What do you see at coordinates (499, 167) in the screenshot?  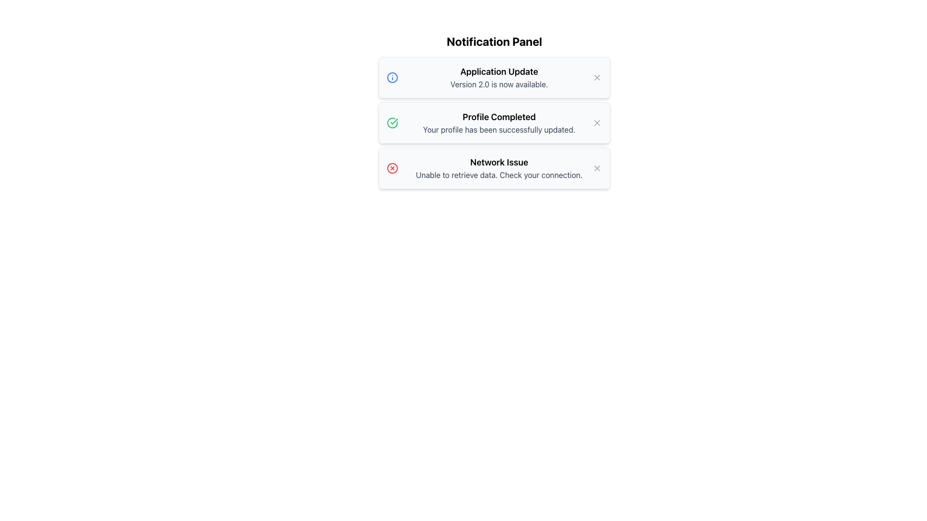 I see `the error message element displaying 'Network Issue' with the follow-up text 'Unable to retrieve data. Check your connection.'` at bounding box center [499, 167].